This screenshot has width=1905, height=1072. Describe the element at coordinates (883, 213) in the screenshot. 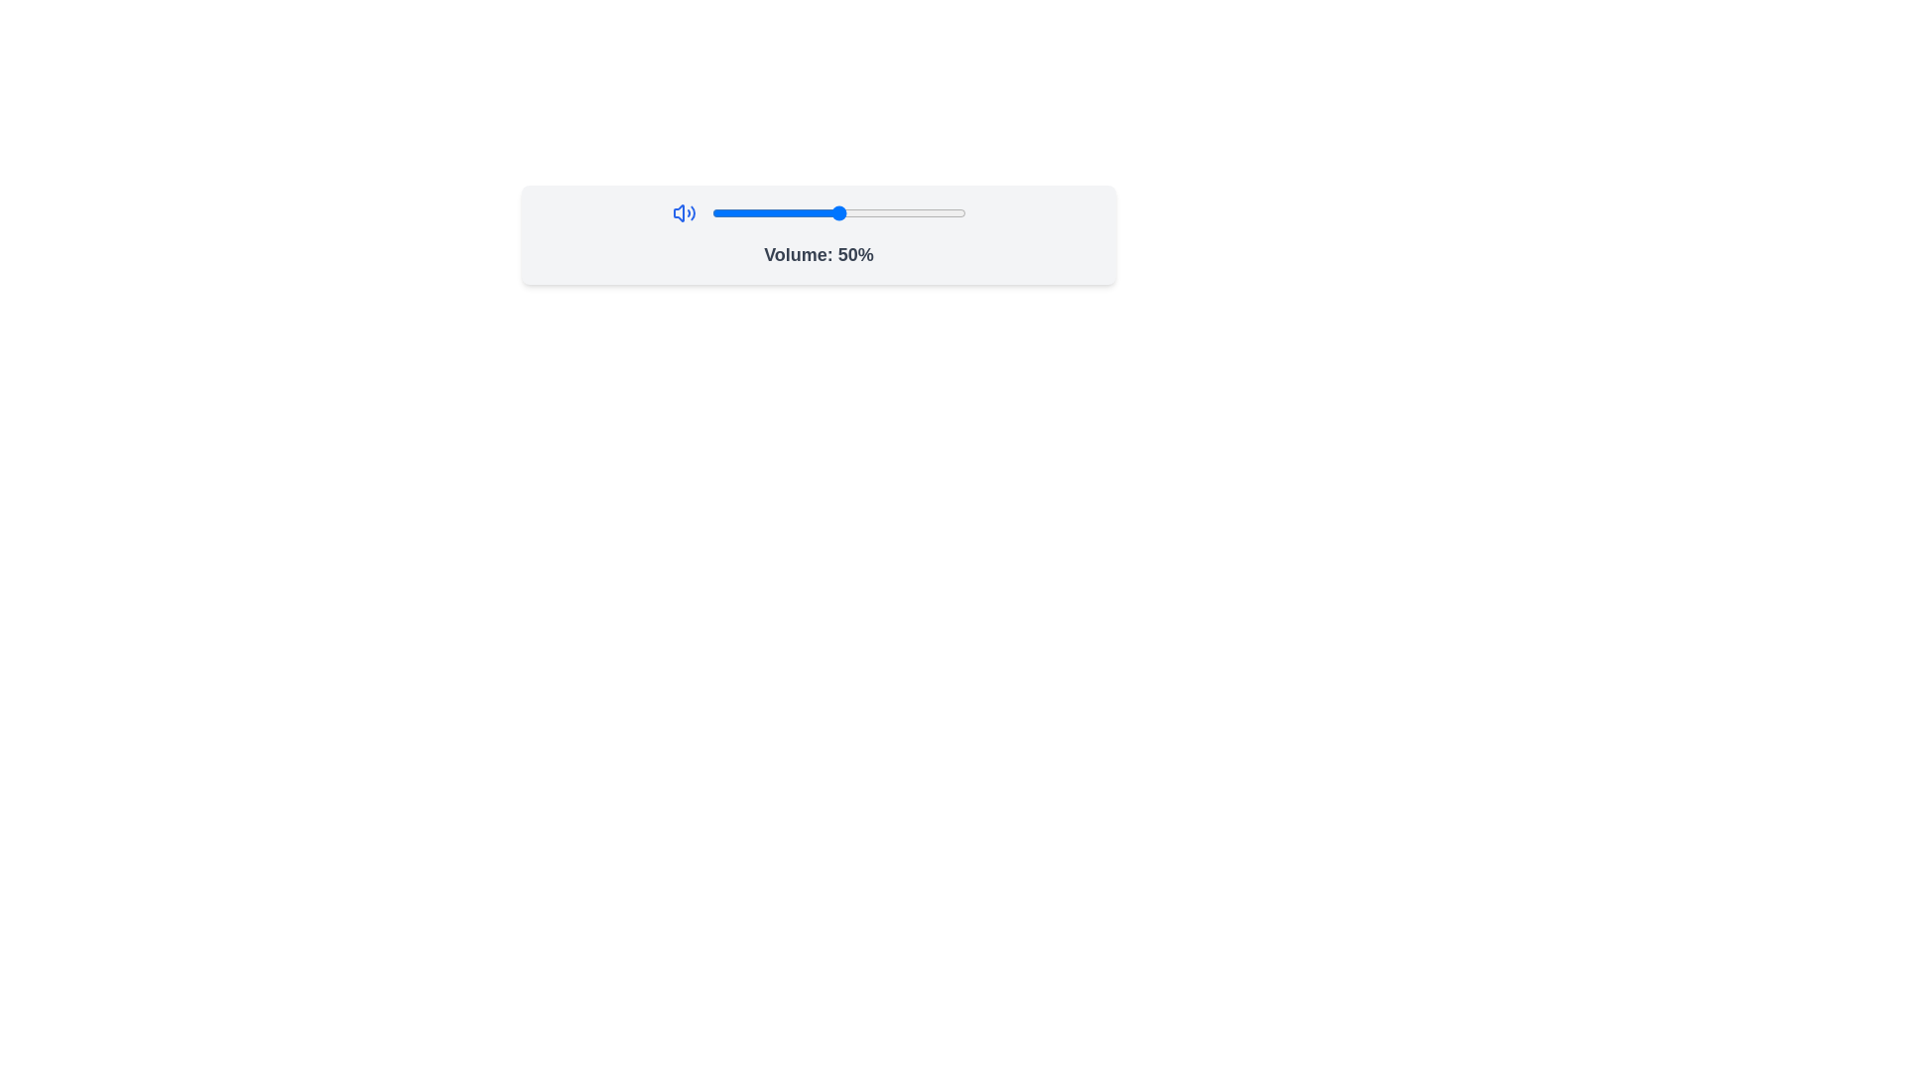

I see `the slider volume` at that location.